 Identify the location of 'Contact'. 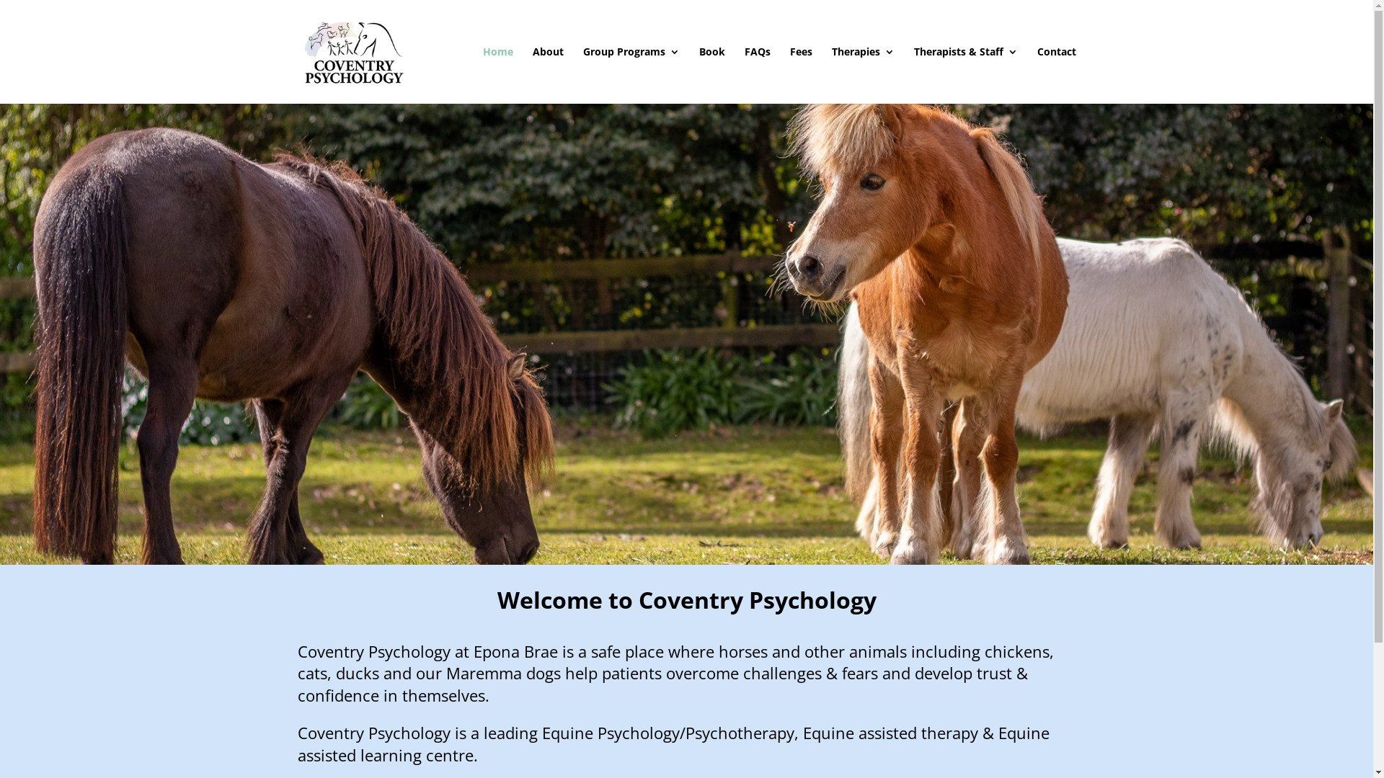
(1055, 75).